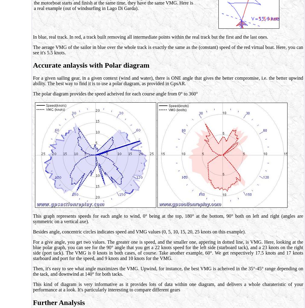 The height and width of the screenshot is (308, 305). Describe the element at coordinates (59, 303) in the screenshot. I see `'Further Analysis'` at that location.